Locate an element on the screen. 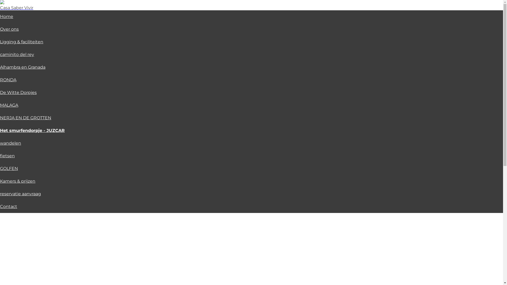 This screenshot has height=285, width=507. 'NERJA EN DE GROTTEN' is located at coordinates (25, 117).